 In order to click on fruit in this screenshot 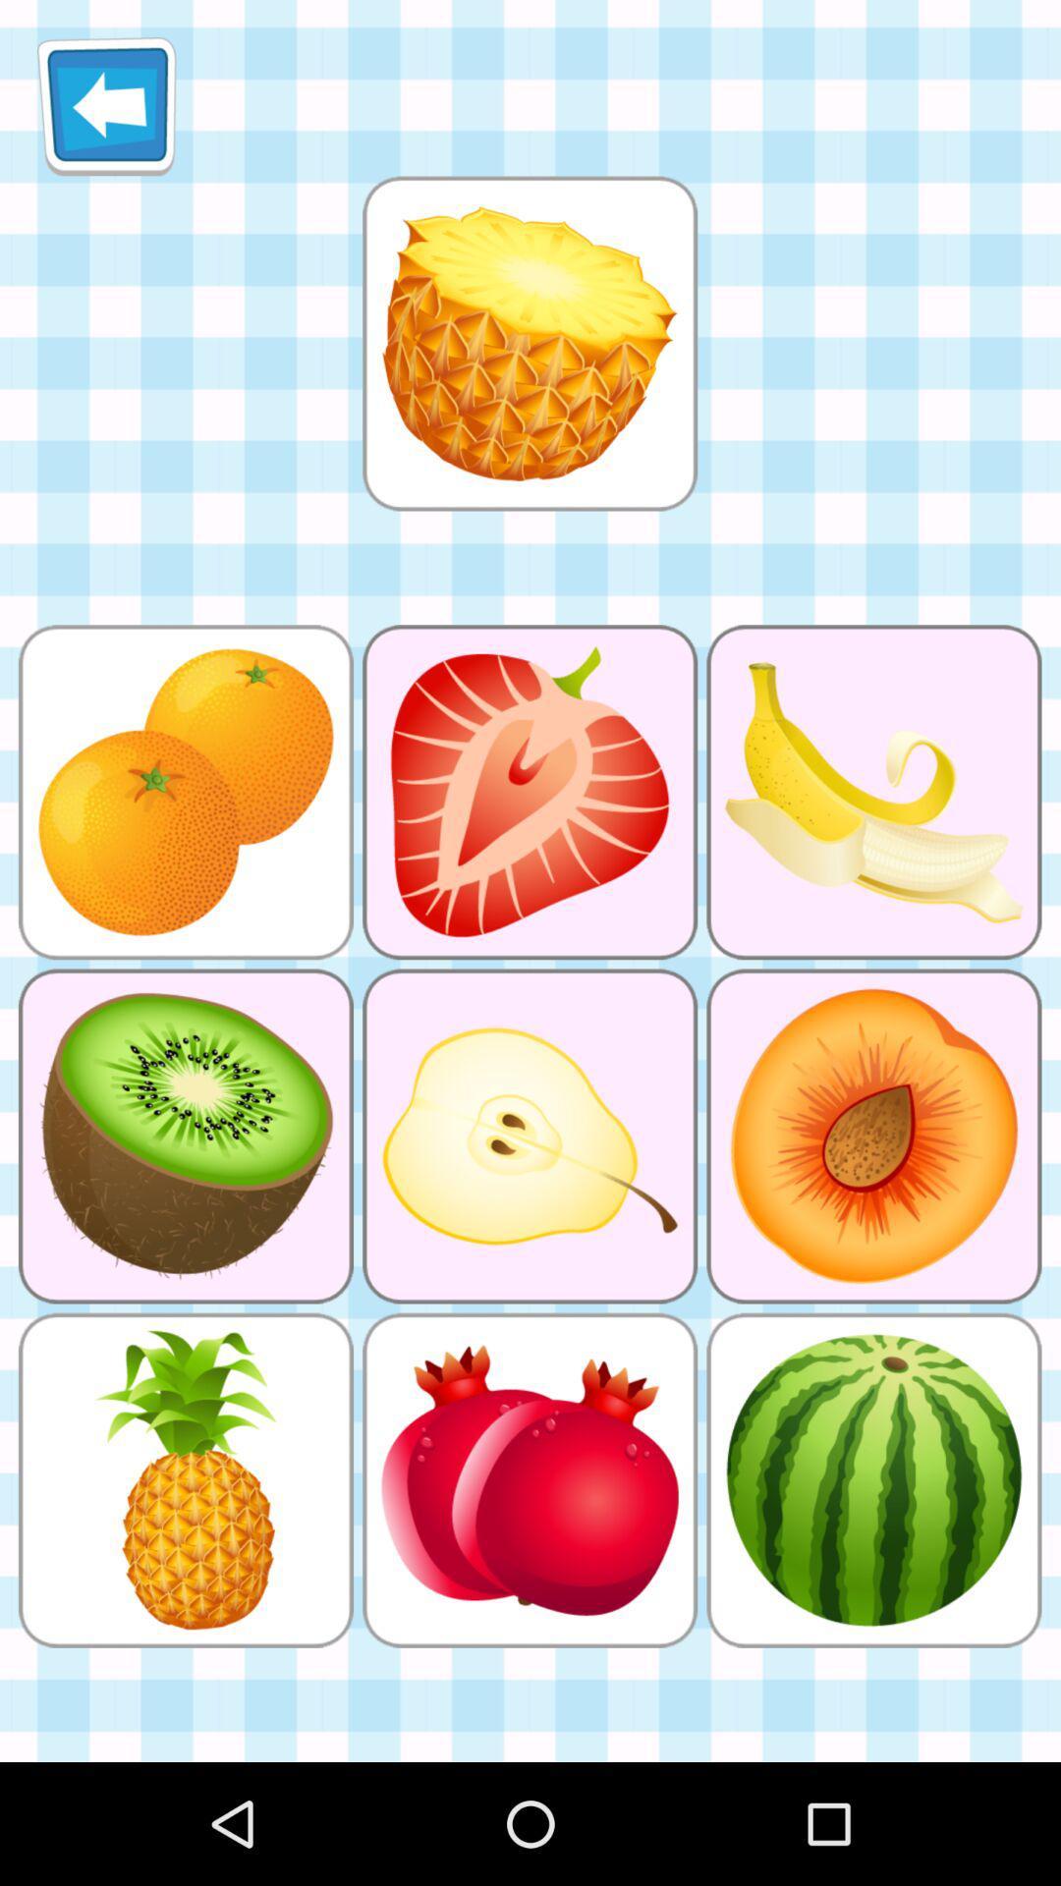, I will do `click(529, 343)`.